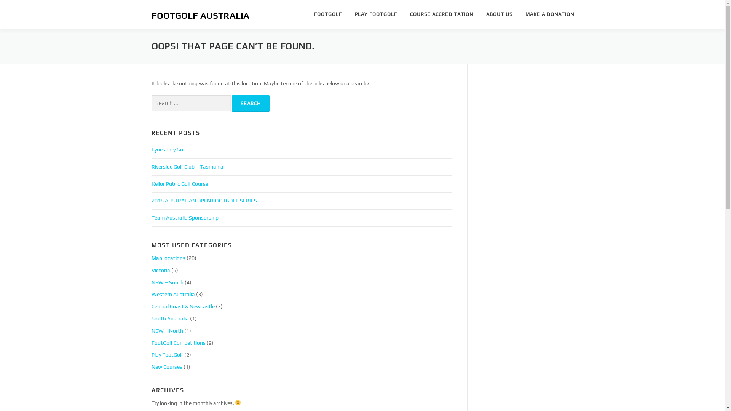 The height and width of the screenshot is (411, 731). Describe the element at coordinates (442, 14) in the screenshot. I see `'COURSE ACCREDITATION'` at that location.